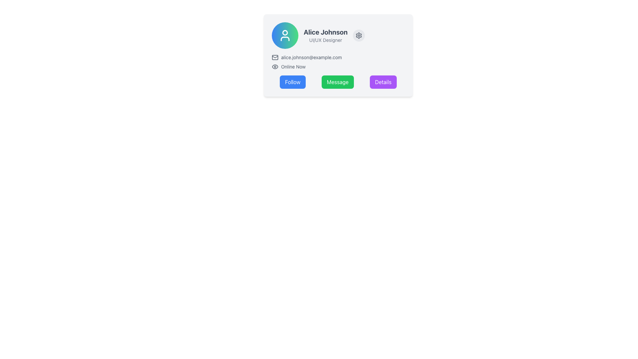 The width and height of the screenshot is (638, 359). I want to click on the circular avatar with a gradient background that contains a white user icon, located next to the name 'Alice Johnson' in the profile card section, so click(285, 36).